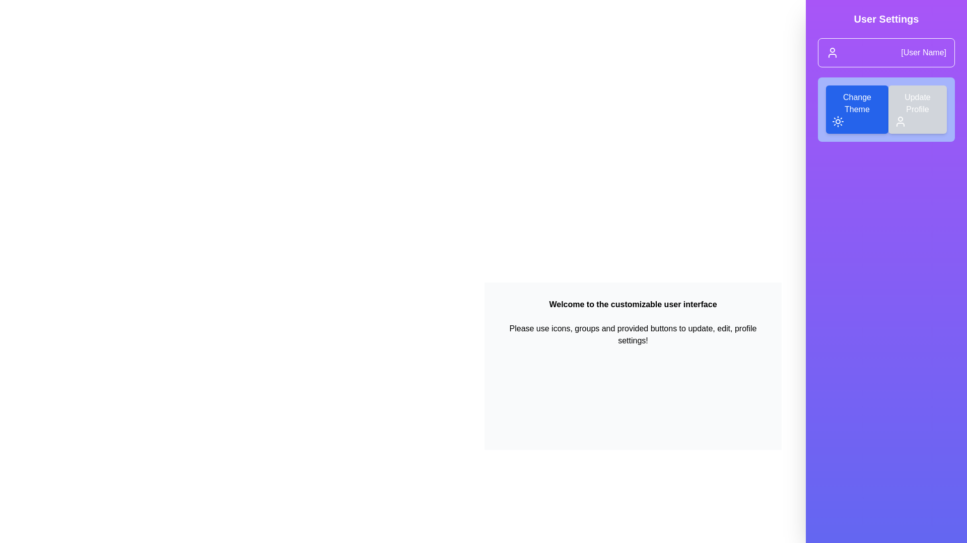 The height and width of the screenshot is (543, 967). I want to click on the 'Update Profile' button, so click(917, 110).